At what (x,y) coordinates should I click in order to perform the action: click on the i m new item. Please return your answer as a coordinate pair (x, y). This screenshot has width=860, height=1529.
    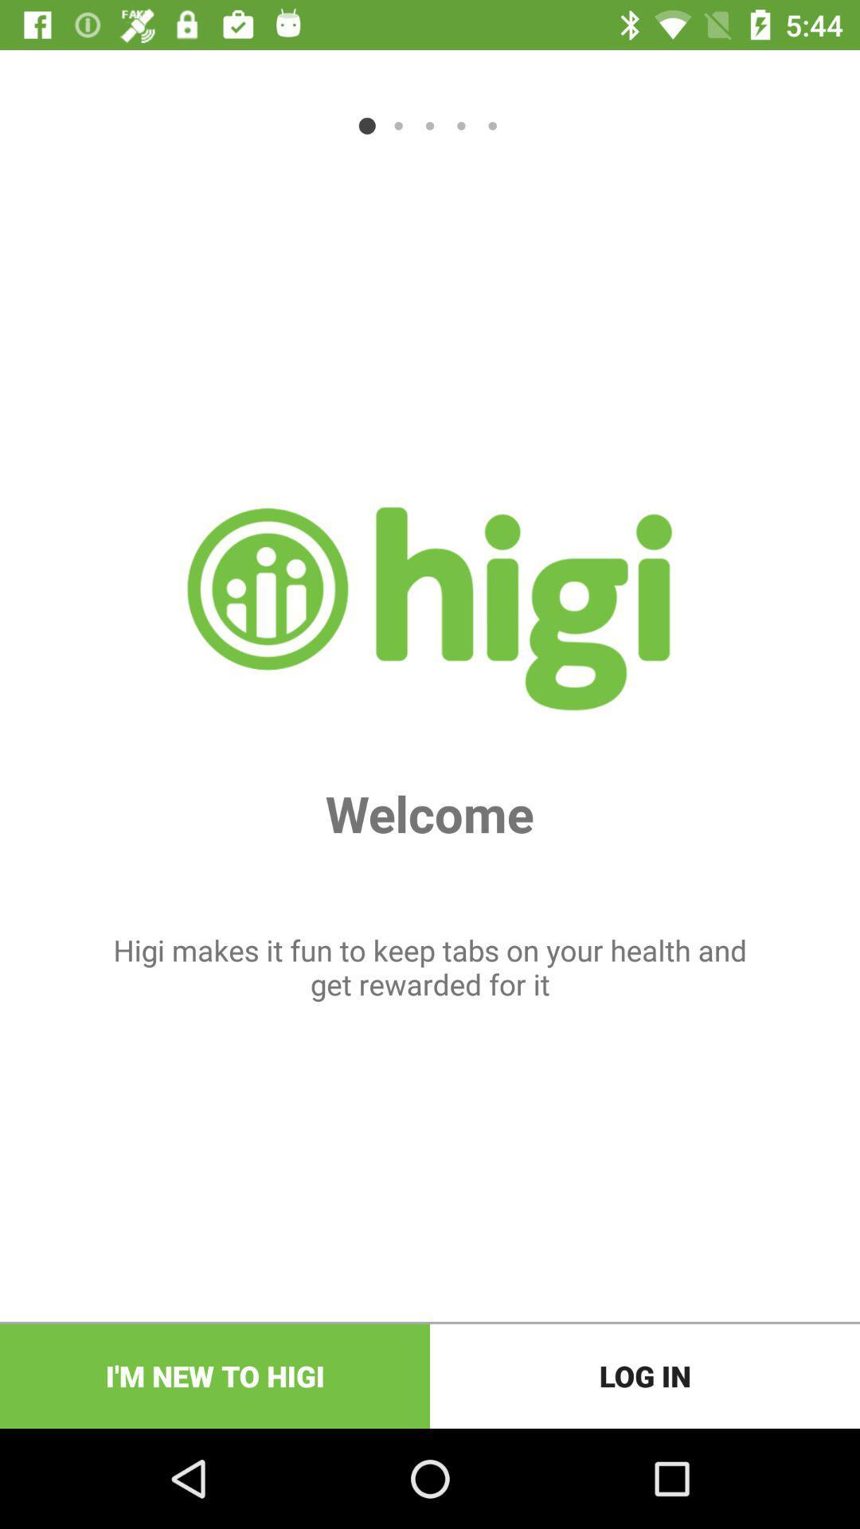
    Looking at the image, I should click on (215, 1375).